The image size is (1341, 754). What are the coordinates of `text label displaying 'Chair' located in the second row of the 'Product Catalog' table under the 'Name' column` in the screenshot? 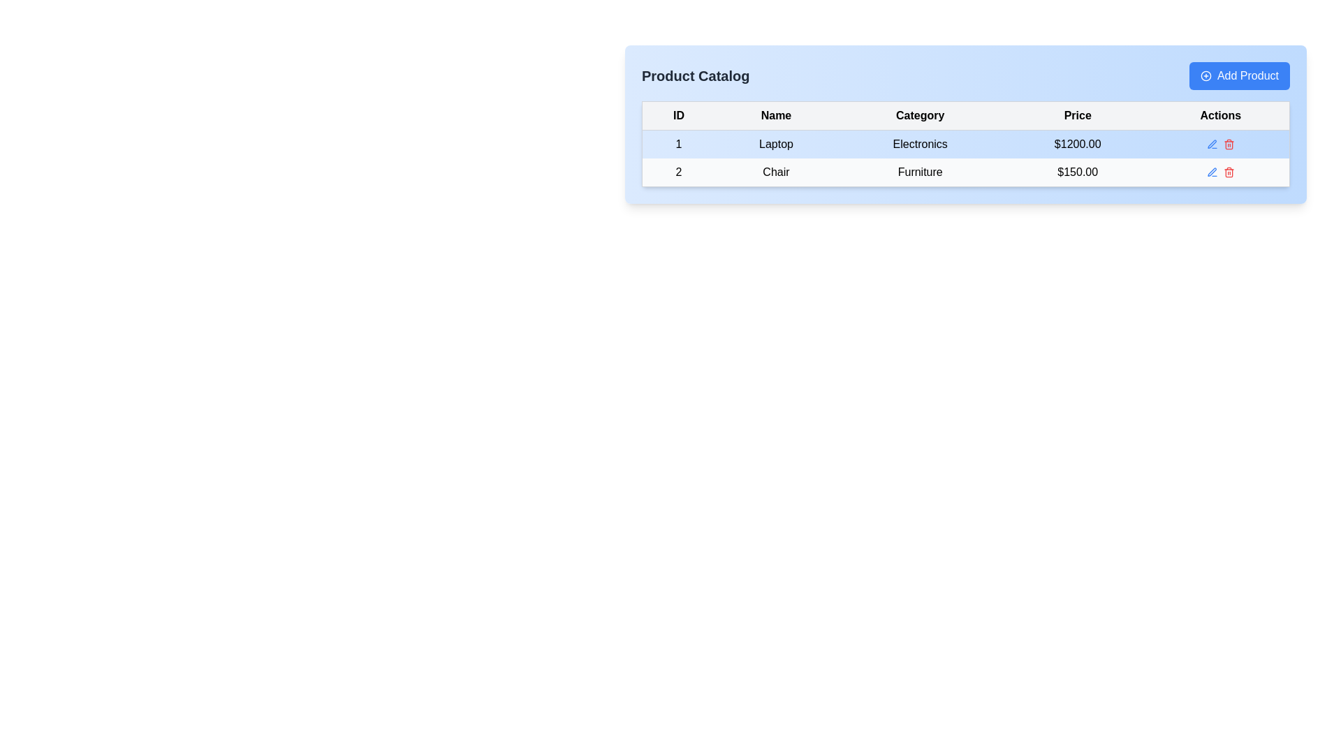 It's located at (775, 172).